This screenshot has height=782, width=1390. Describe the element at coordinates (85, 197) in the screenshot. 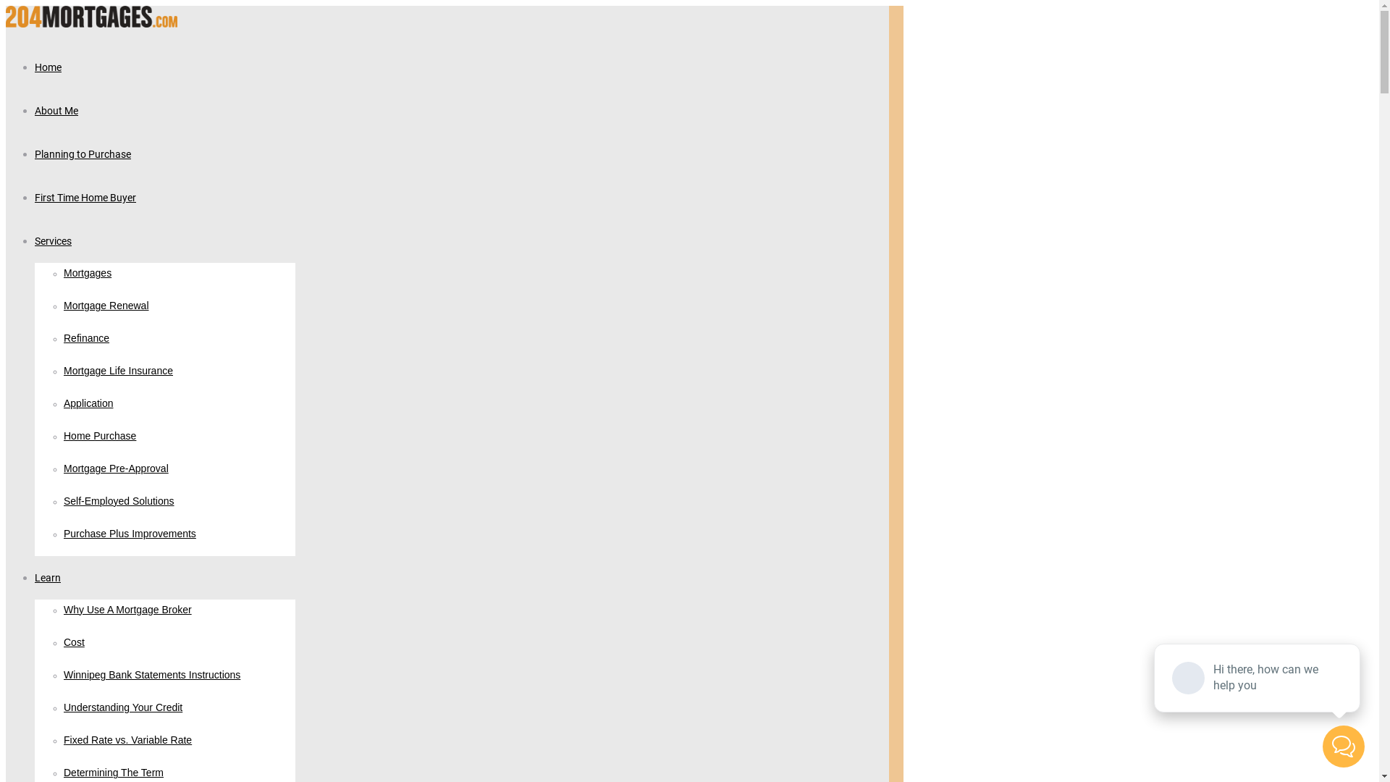

I see `'First Time Home Buyer'` at that location.